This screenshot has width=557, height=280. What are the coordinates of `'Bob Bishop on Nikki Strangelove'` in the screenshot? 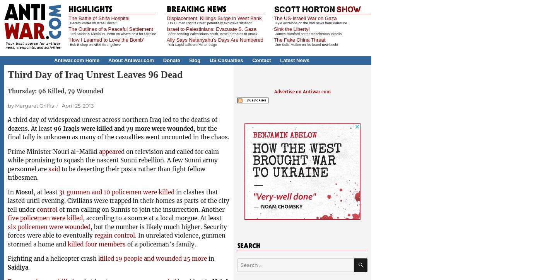 It's located at (95, 45).